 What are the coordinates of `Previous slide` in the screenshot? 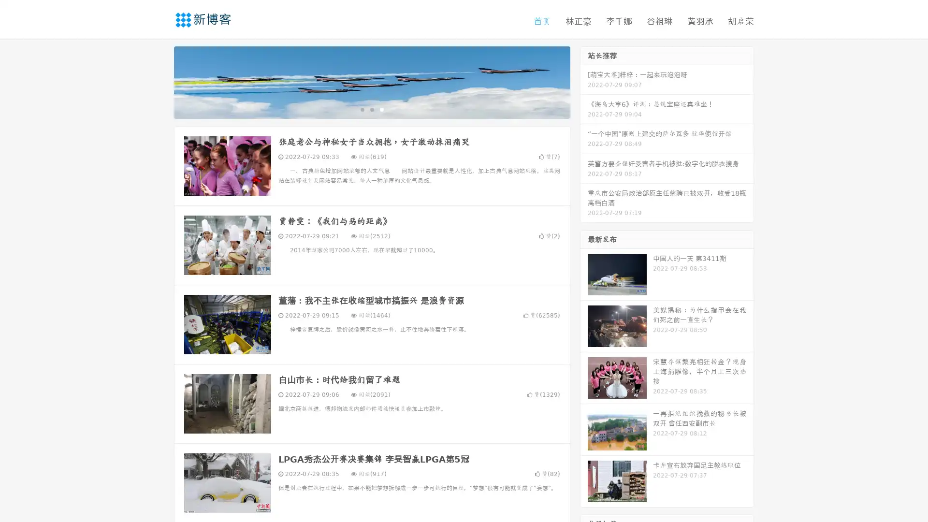 It's located at (159, 81).